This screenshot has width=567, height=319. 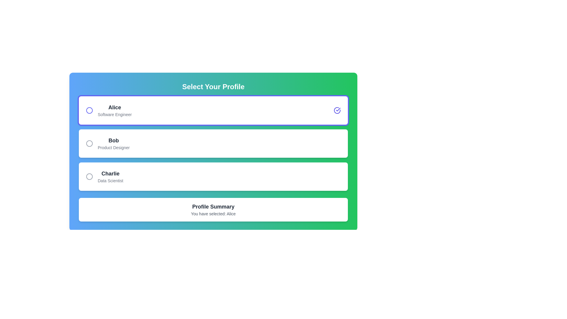 I want to click on the text element displaying 'Bob' in bold, which is the first line of text in the second profile option, positioned above 'Product Designer', so click(x=114, y=140).